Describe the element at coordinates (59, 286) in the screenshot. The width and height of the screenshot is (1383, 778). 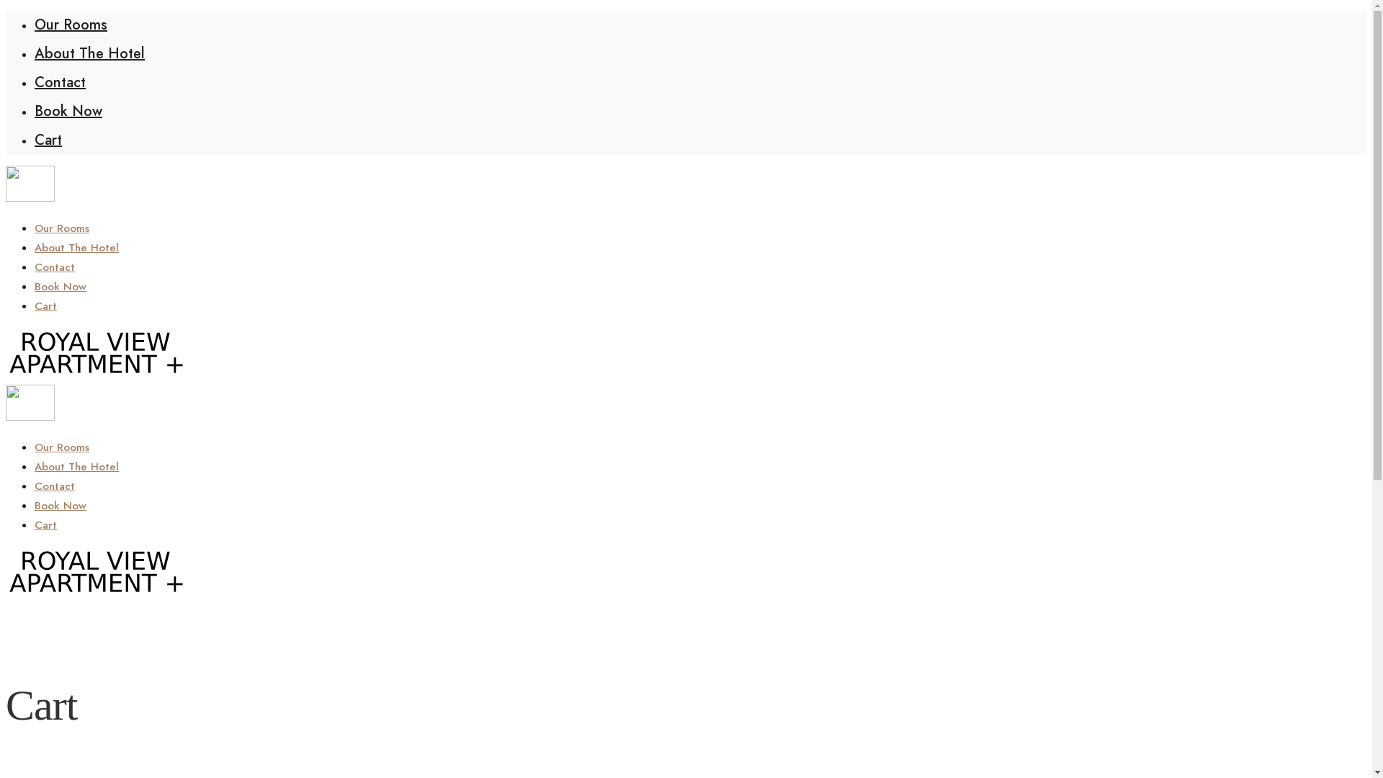
I see `'Book Now'` at that location.